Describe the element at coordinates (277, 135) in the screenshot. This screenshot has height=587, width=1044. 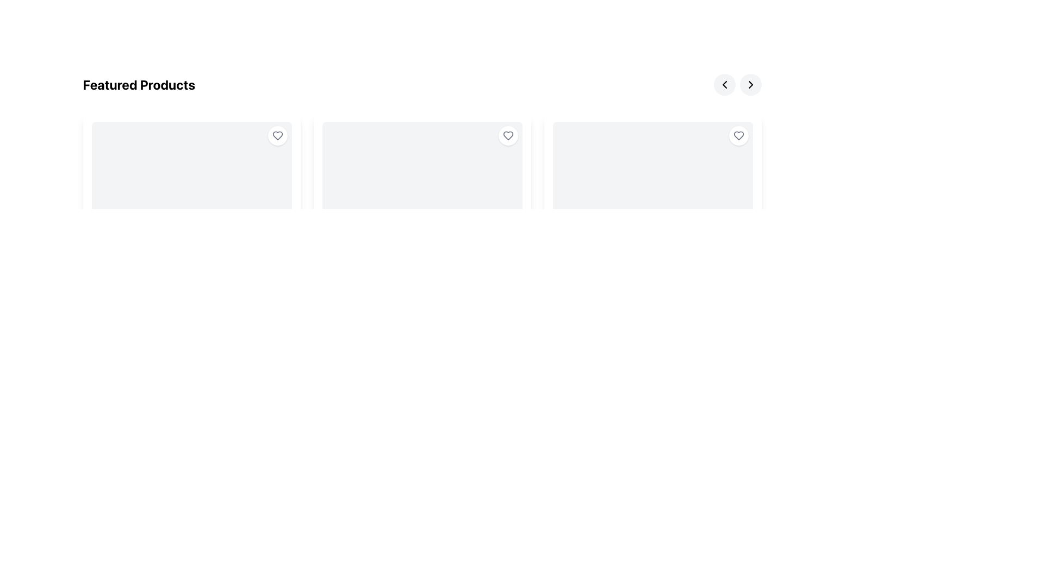
I see `the heart icon in the top-right corner of the first card under the 'Featured Products' section` at that location.